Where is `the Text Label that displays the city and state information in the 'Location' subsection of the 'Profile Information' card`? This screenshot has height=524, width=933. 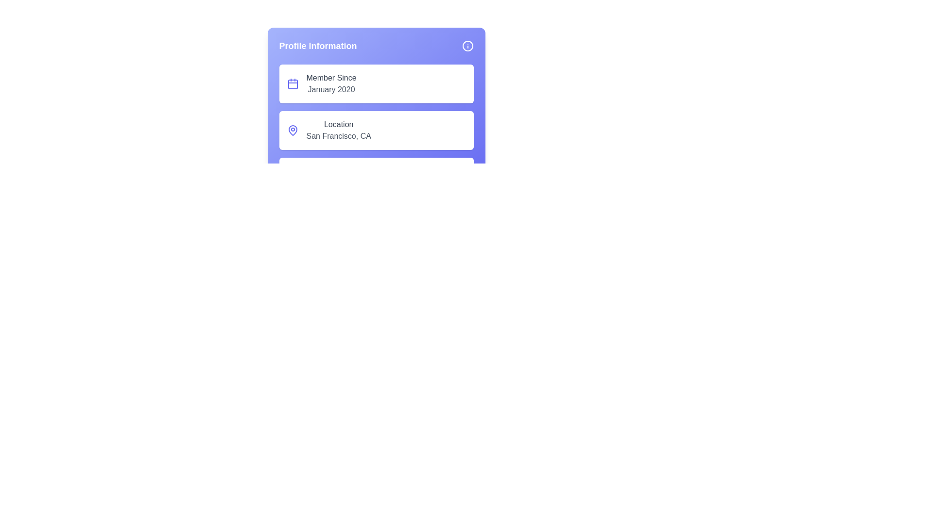
the Text Label that displays the city and state information in the 'Location' subsection of the 'Profile Information' card is located at coordinates (339, 136).